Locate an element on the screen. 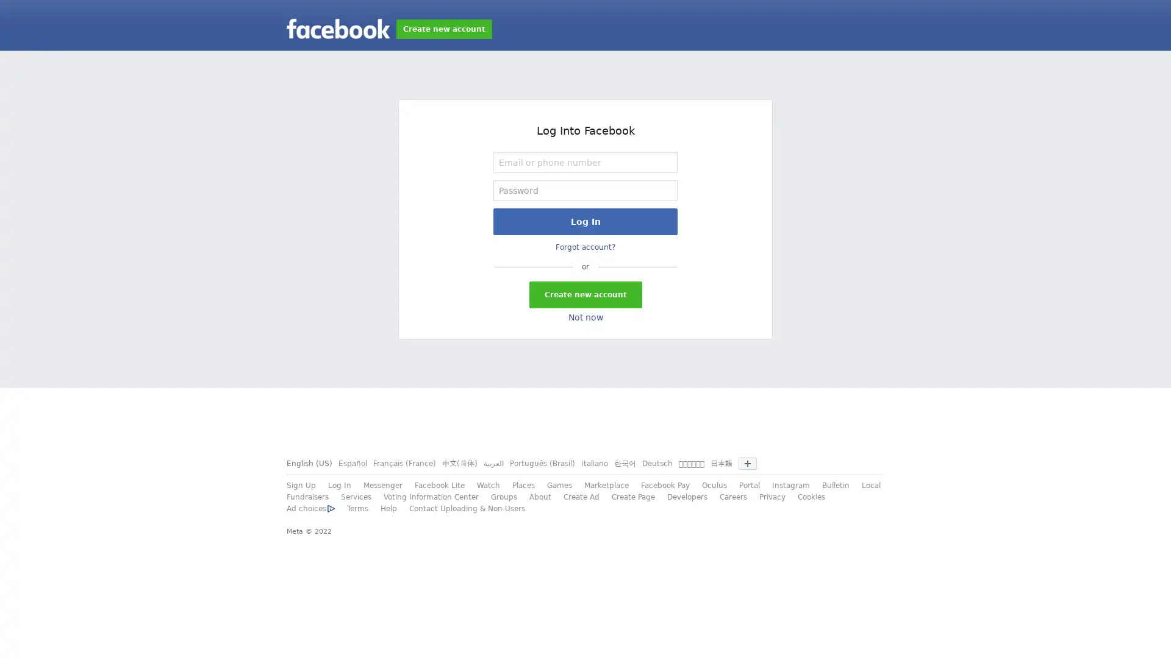 Image resolution: width=1171 pixels, height=658 pixels. Log In is located at coordinates (585, 221).